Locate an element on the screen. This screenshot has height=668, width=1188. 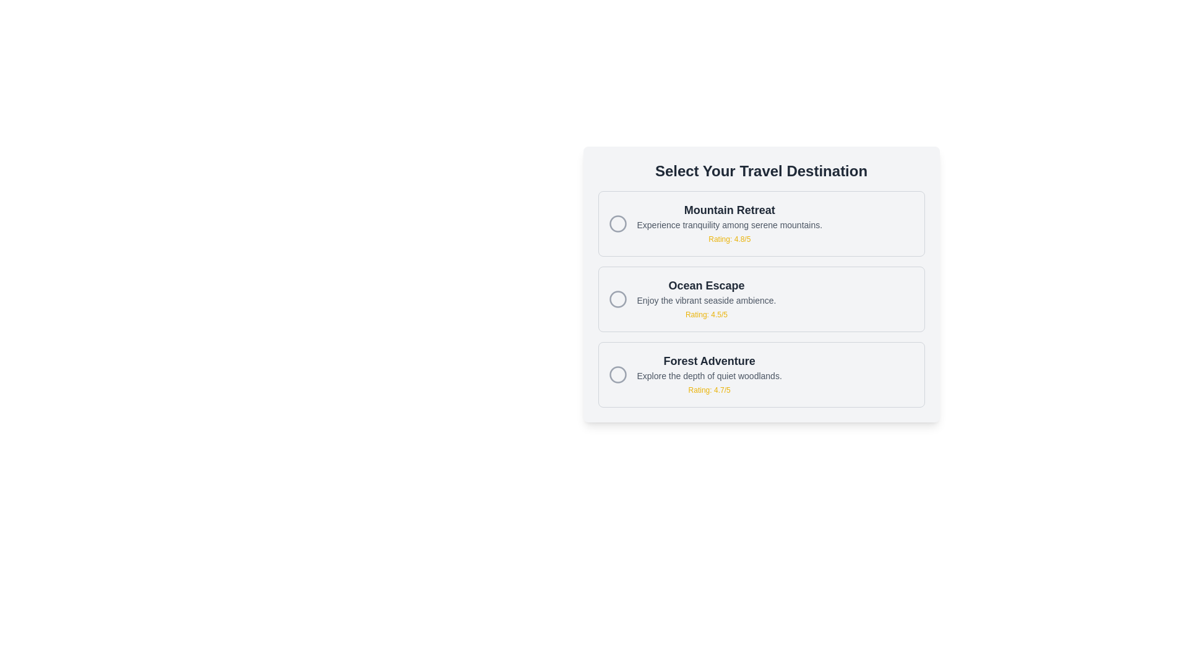
the selectable list item for 'Forest Adventure' is located at coordinates (760, 374).